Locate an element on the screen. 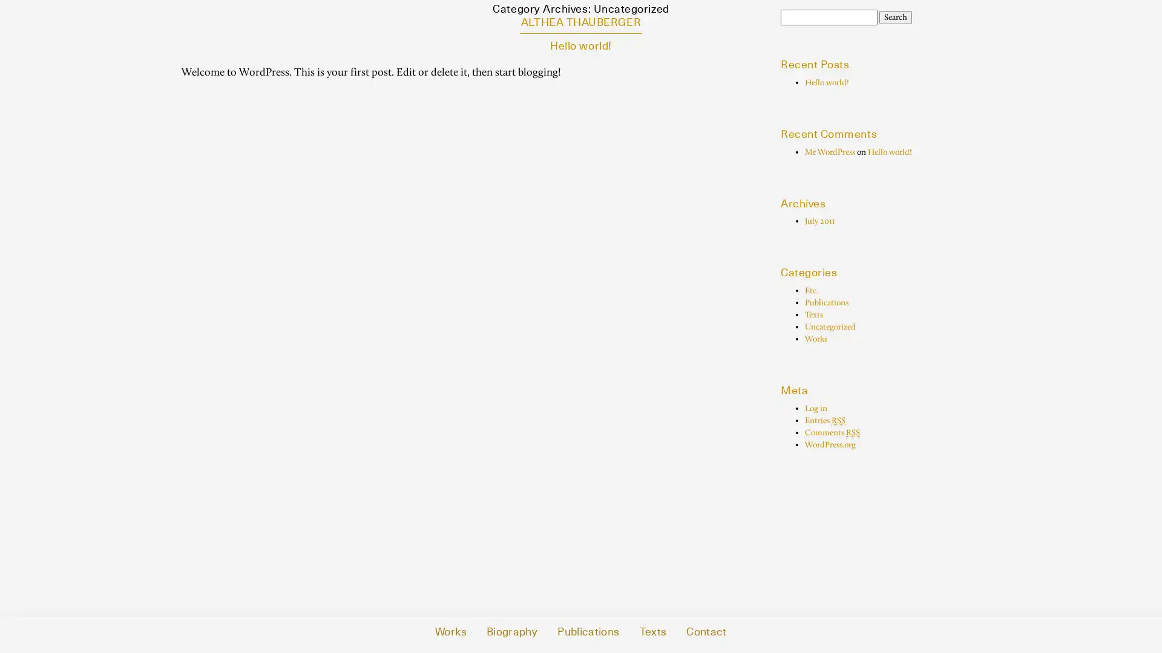 This screenshot has height=653, width=1162. Search is located at coordinates (895, 18).